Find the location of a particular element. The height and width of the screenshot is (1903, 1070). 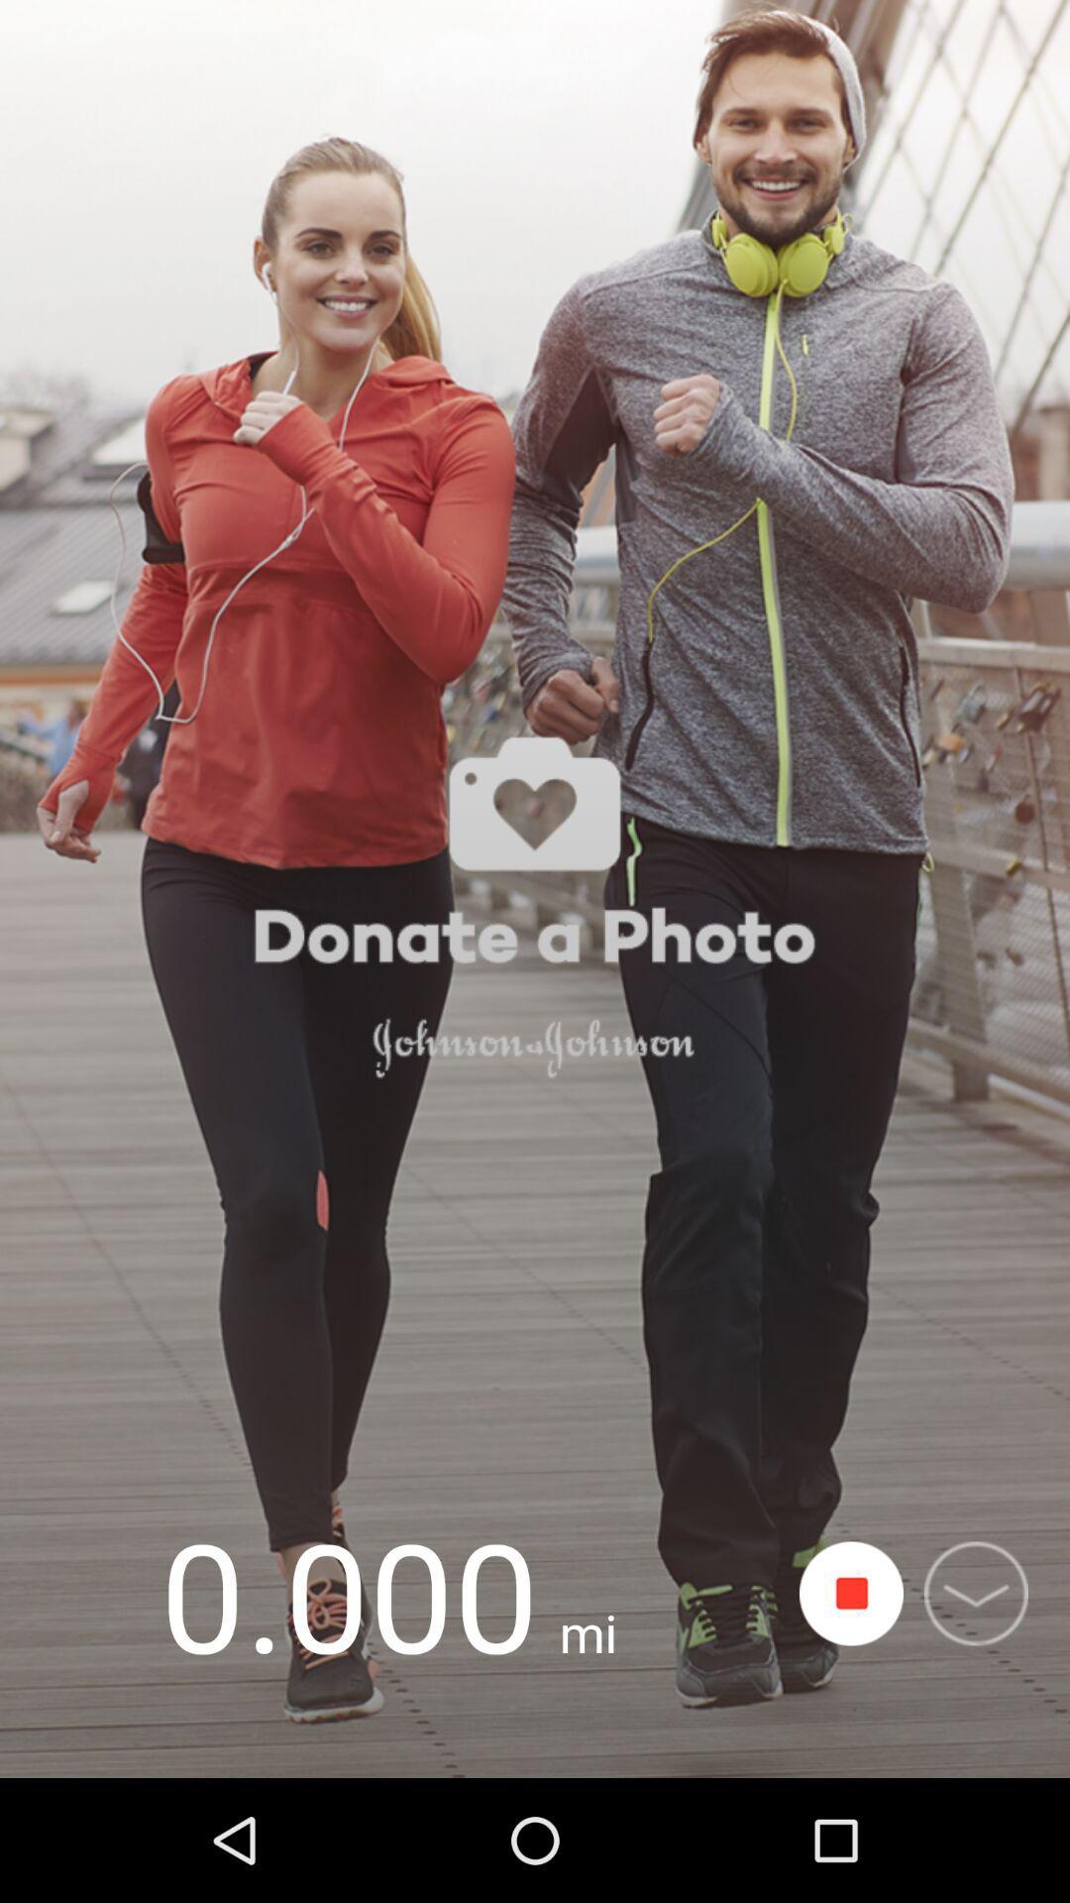

start is located at coordinates (850, 1594).